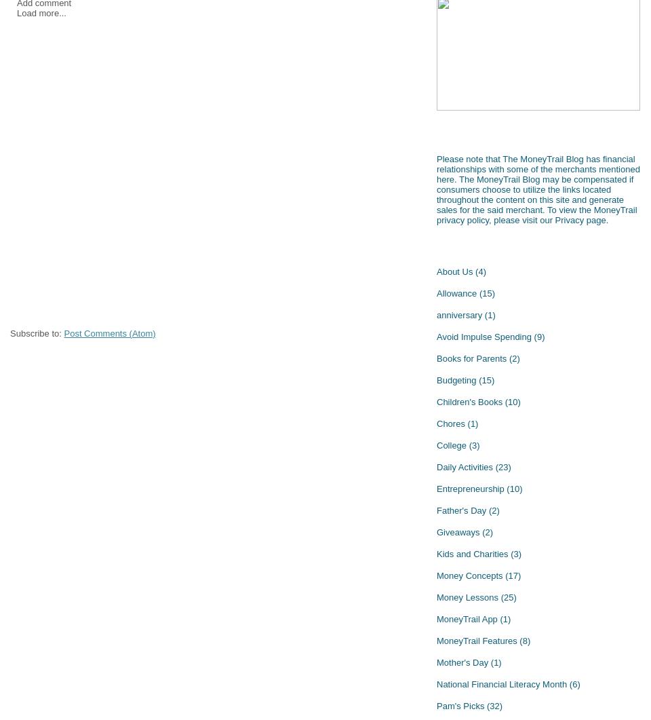  I want to click on 'Avoid Impulse Spending', so click(484, 336).